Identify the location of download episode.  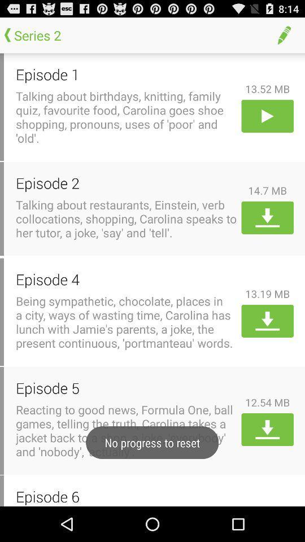
(267, 217).